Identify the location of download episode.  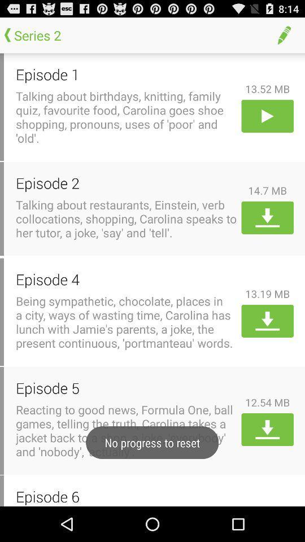
(267, 217).